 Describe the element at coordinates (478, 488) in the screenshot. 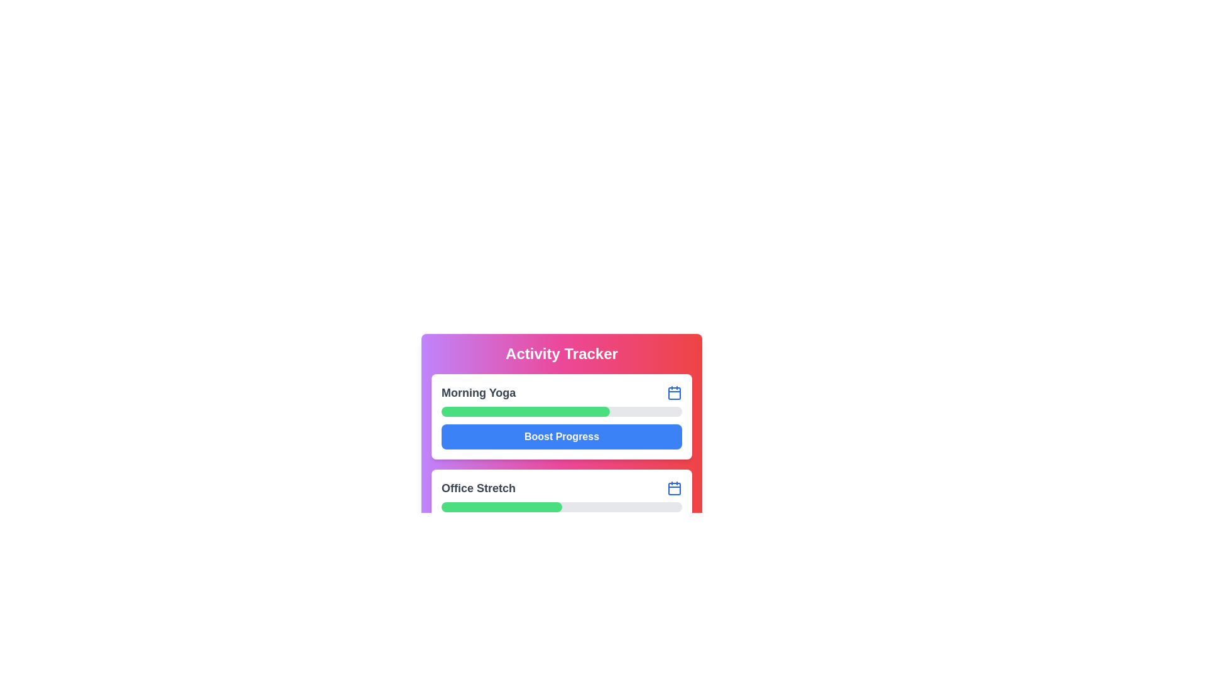

I see `the bold-text title 'Office Stretch' located in the second row of the 'Activity Tracker' card, positioned to the left of its respective icon` at that location.